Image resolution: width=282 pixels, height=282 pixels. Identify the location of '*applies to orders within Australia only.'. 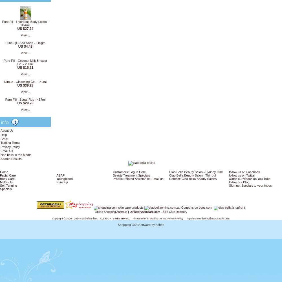
(183, 218).